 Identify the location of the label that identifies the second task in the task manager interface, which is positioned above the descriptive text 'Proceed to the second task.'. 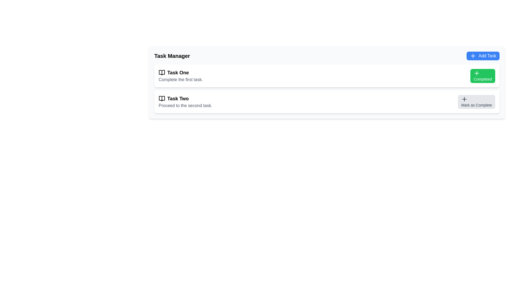
(185, 99).